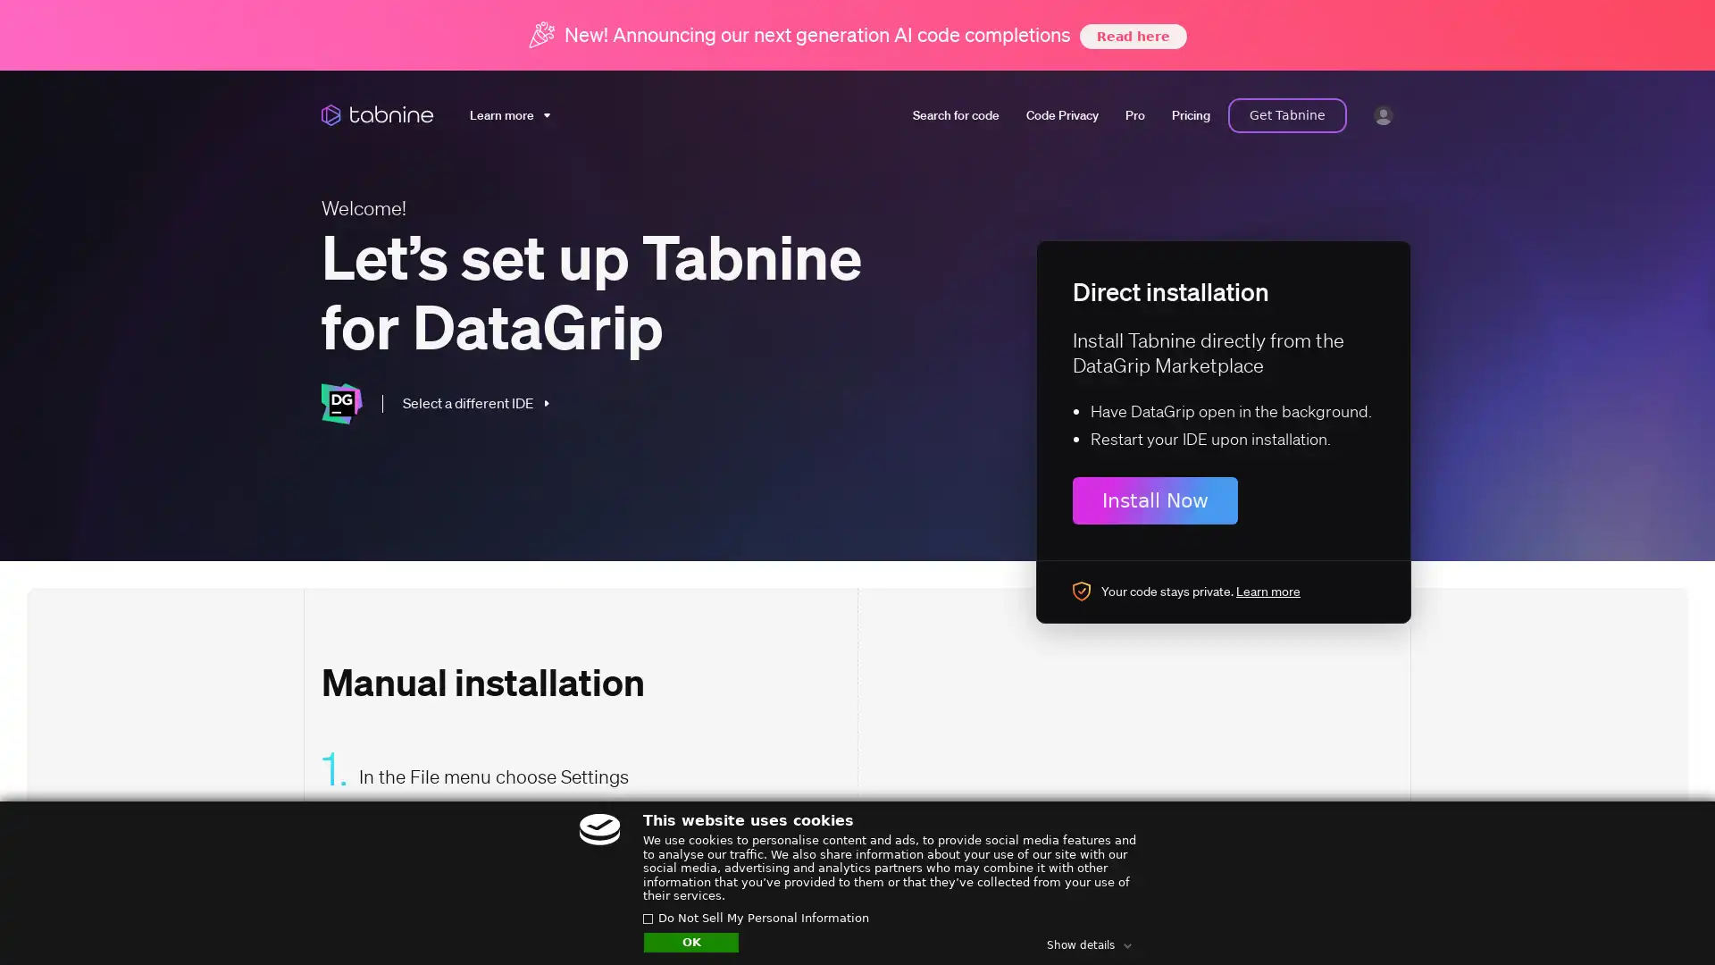 The height and width of the screenshot is (965, 1715). I want to click on Read here, so click(1131, 35).